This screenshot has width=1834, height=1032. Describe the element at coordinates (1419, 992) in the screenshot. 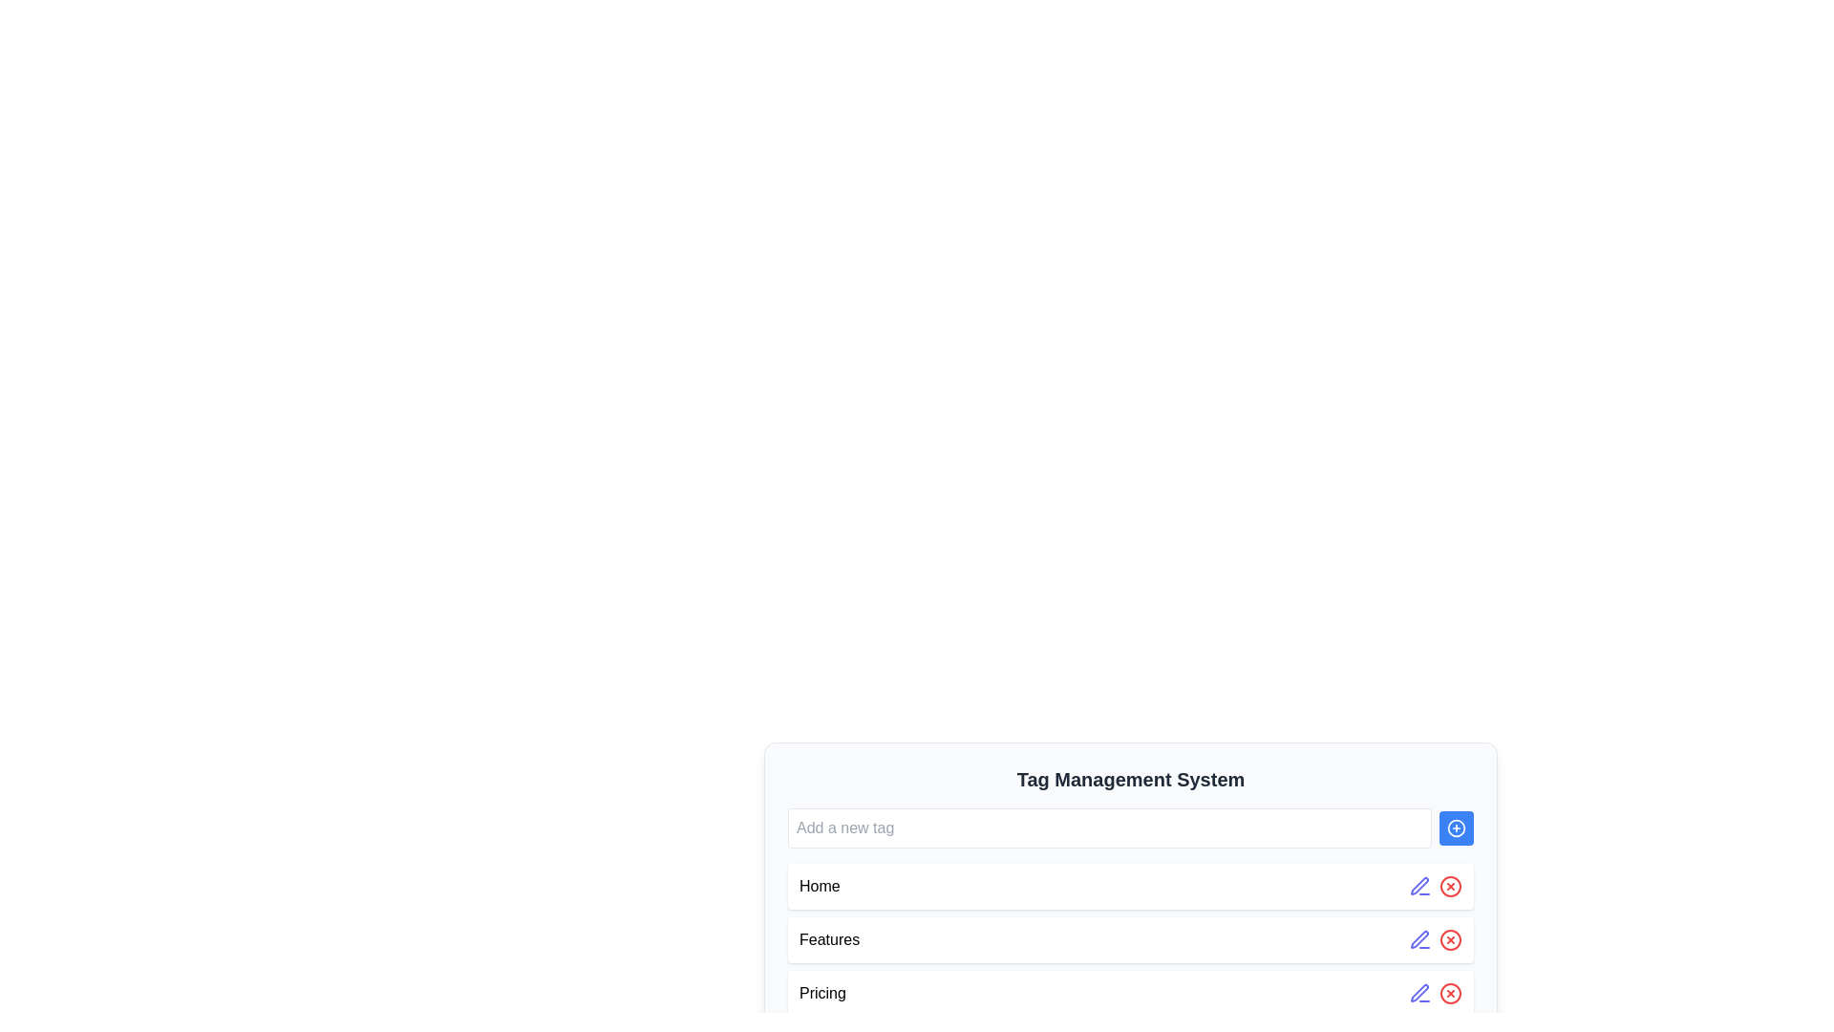

I see `the editing pencil icon located in the third row of the features list component to initiate editing` at that location.